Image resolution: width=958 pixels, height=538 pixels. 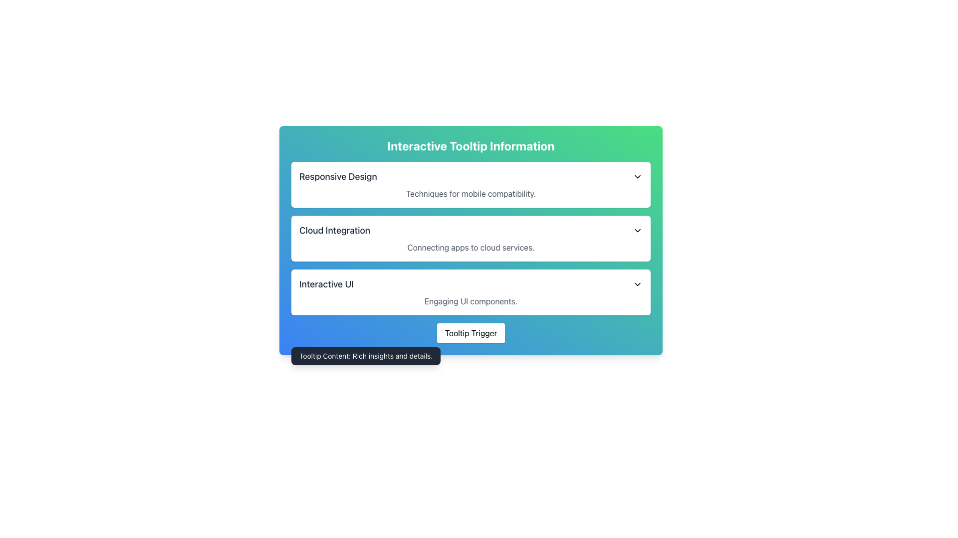 What do you see at coordinates (637, 230) in the screenshot?
I see `the downward-facing chevron icon button located at the far right of the 'Cloud Integration' text` at bounding box center [637, 230].